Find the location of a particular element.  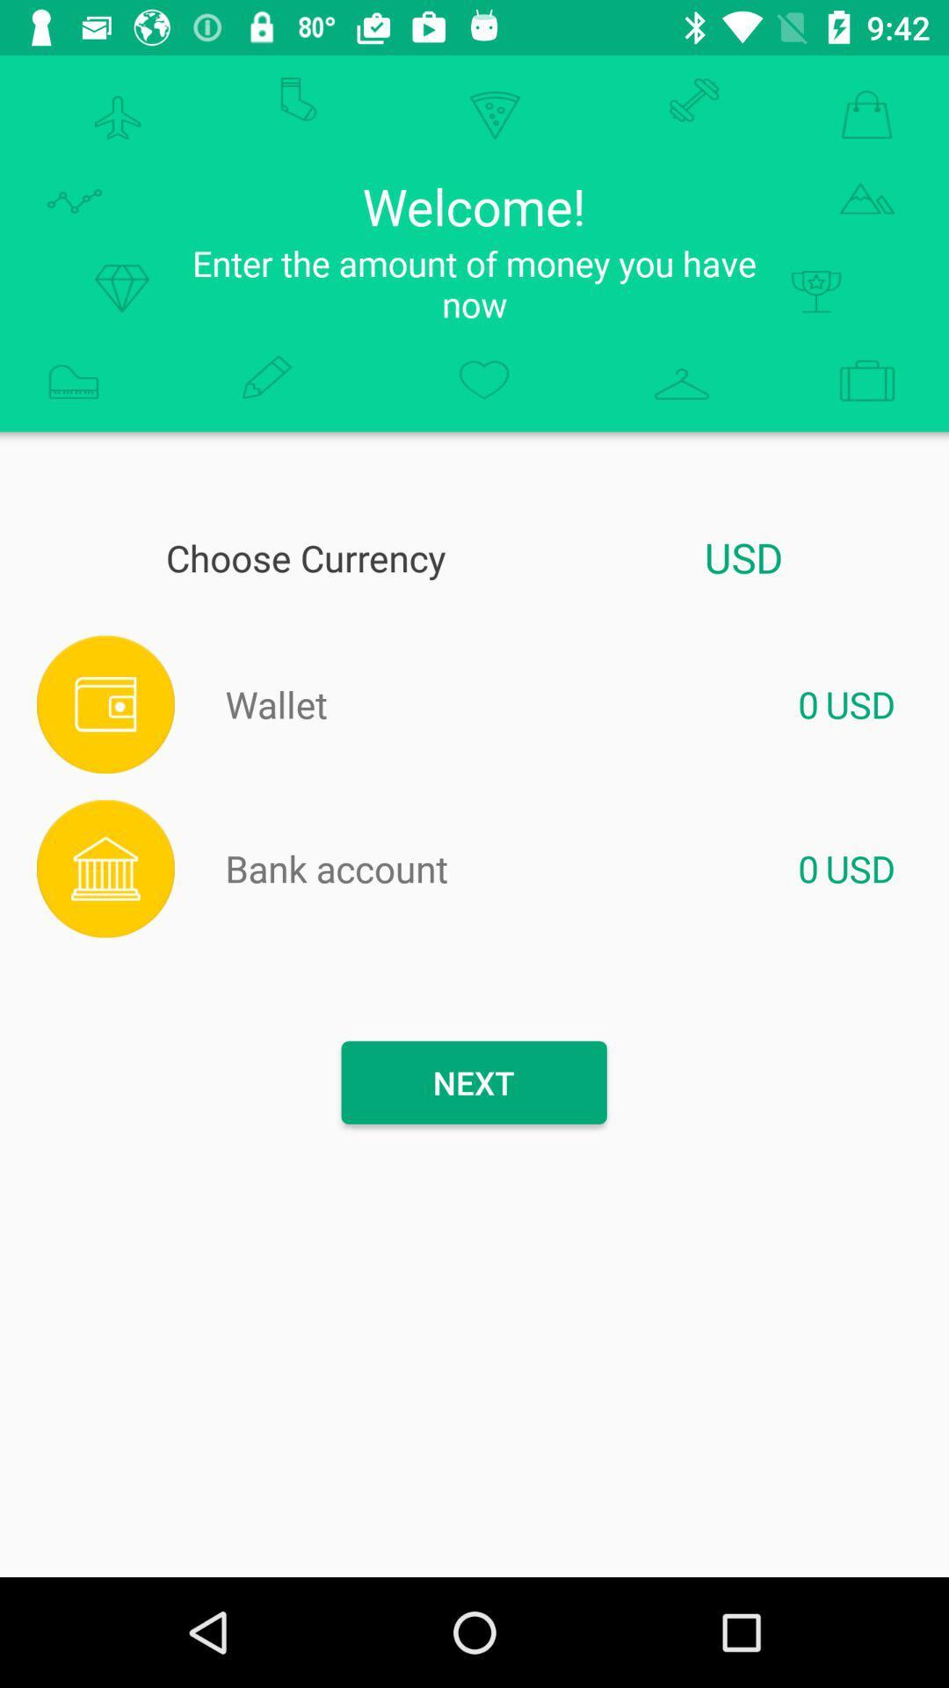

the next item is located at coordinates (473, 1081).